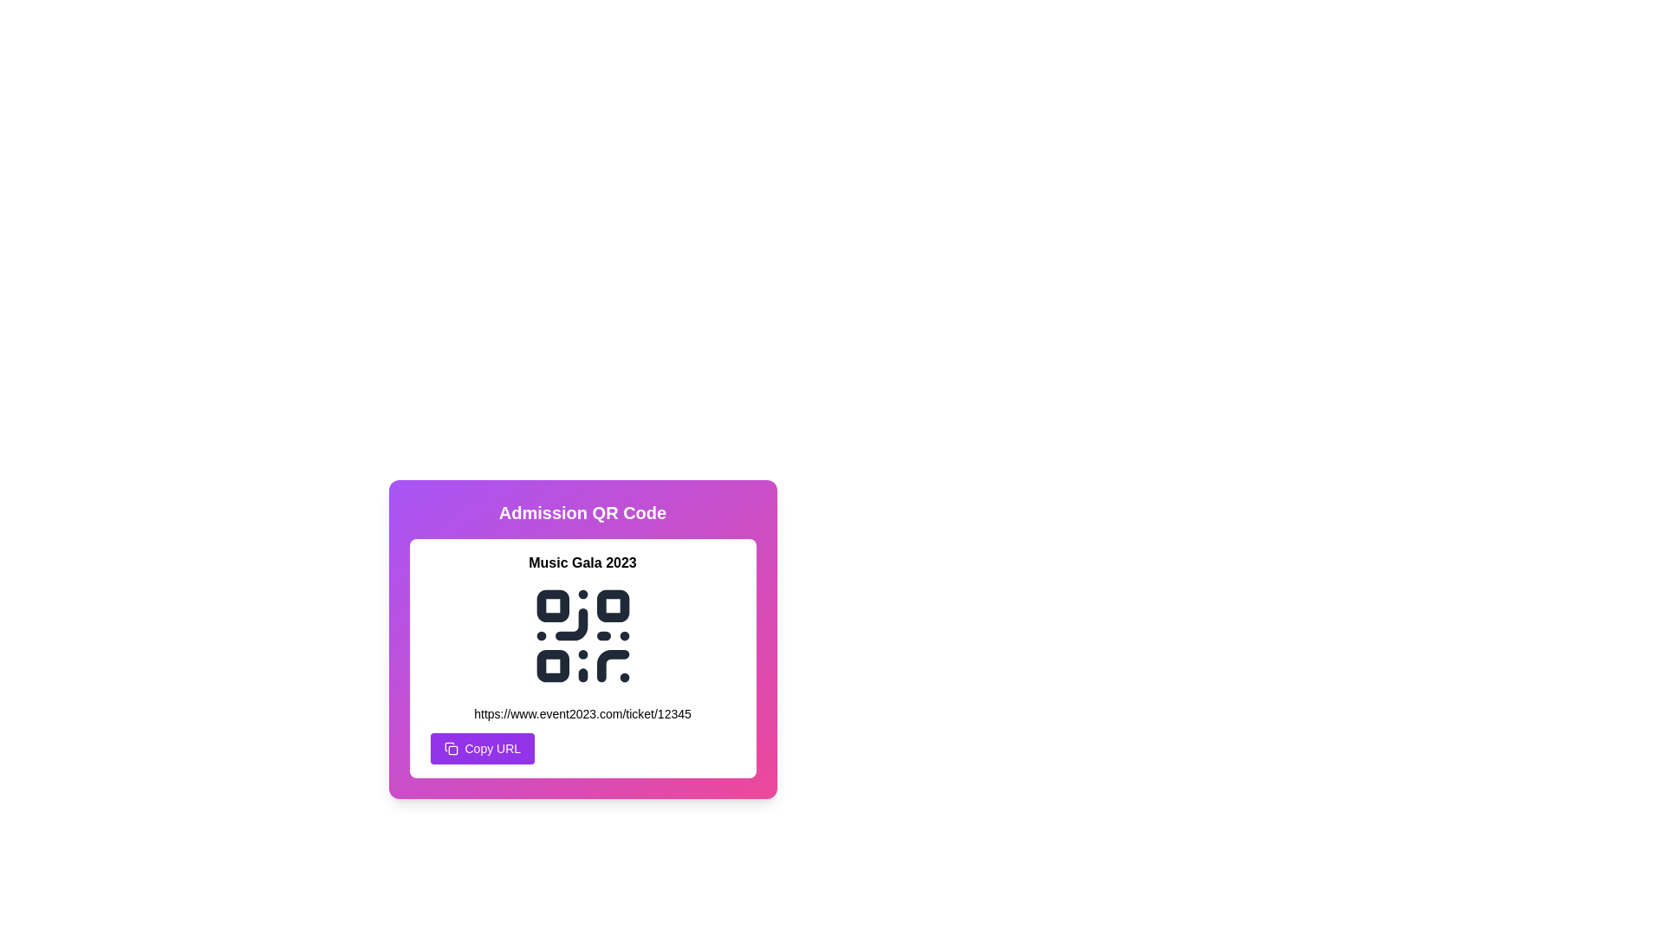 The image size is (1664, 936). Describe the element at coordinates (452, 750) in the screenshot. I see `the 'Copy URL' button, which contains the copy icon located at the bottom-left part of the button` at that location.